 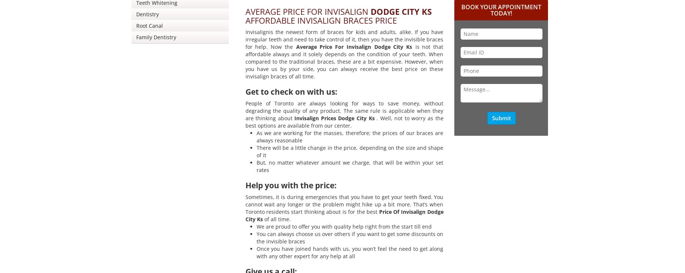 I want to click on 'Price Of Invisalign', so click(x=402, y=212).